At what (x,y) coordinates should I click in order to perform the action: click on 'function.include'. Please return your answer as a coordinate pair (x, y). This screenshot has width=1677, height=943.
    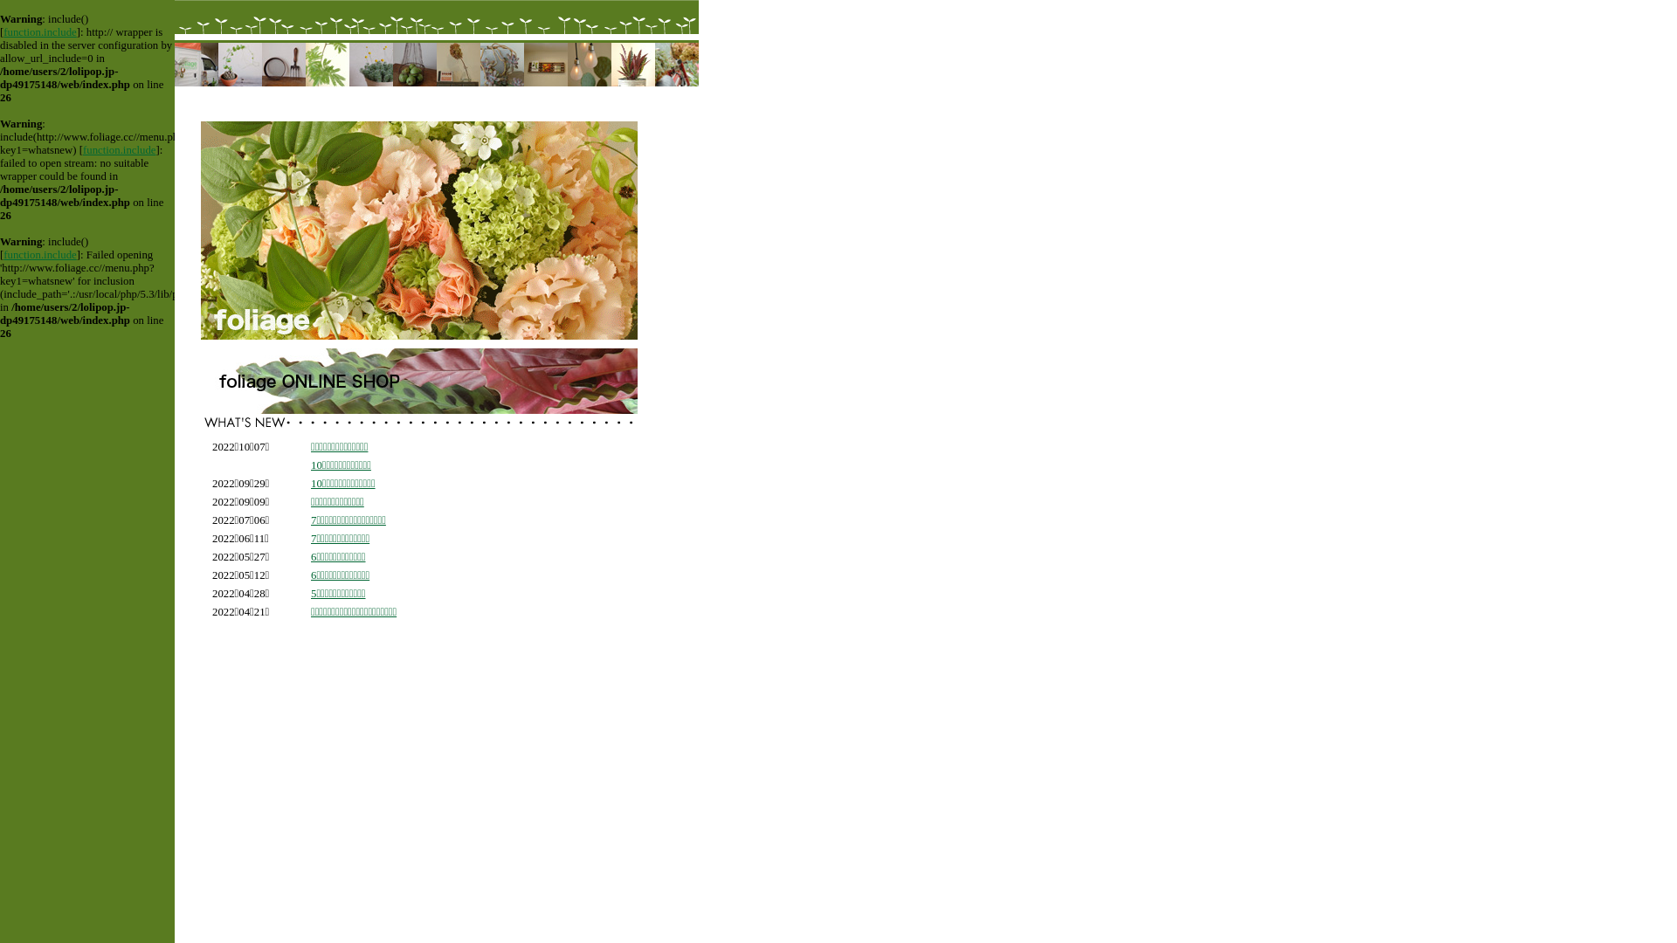
    Looking at the image, I should click on (3, 32).